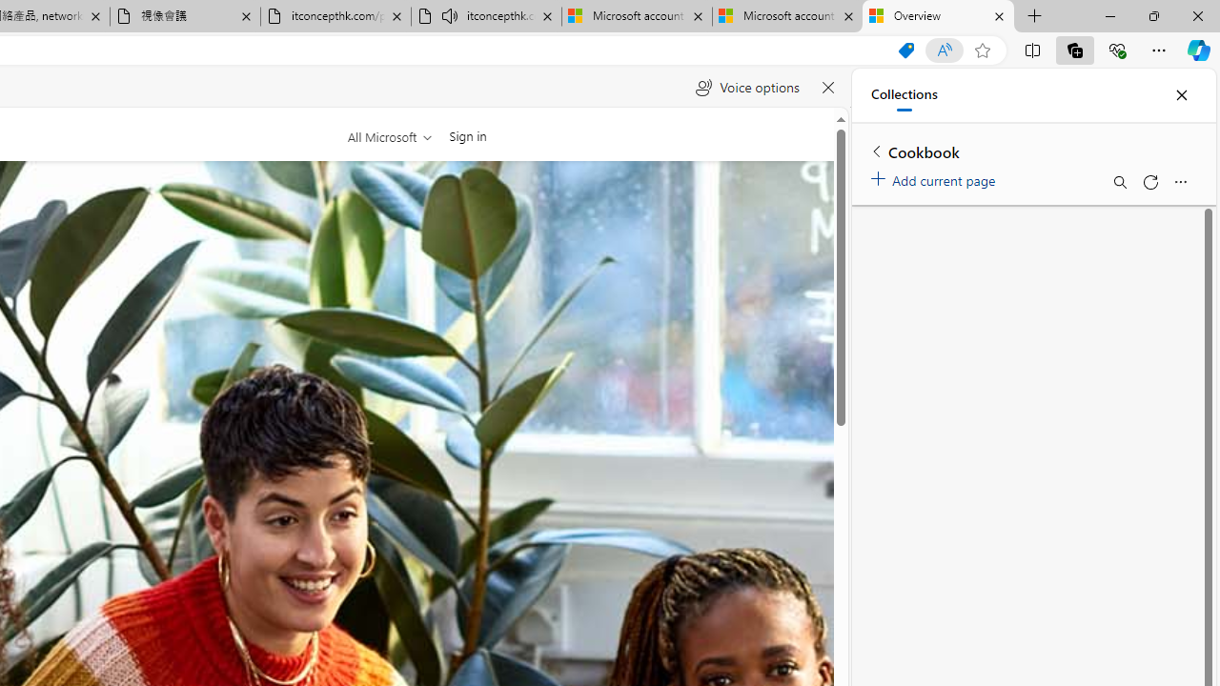  I want to click on 'Mute tab', so click(448, 15).